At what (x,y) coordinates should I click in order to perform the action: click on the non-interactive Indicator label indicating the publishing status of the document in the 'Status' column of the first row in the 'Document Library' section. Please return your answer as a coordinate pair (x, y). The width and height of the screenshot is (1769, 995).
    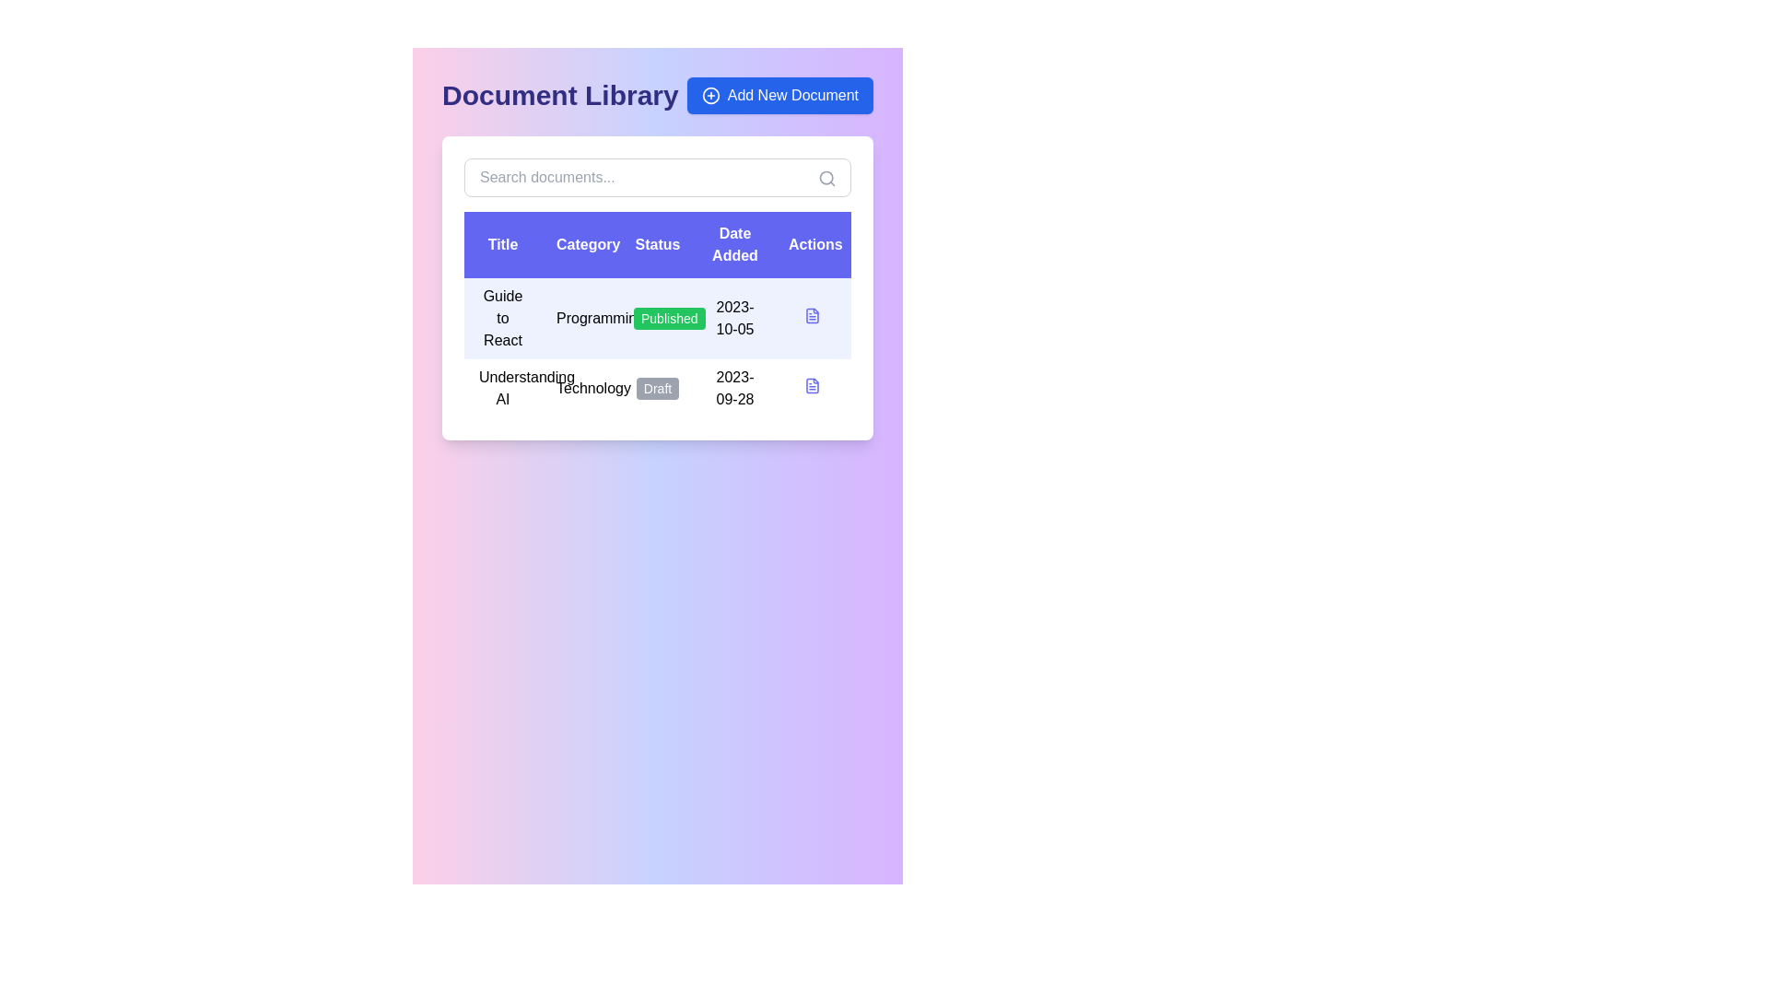
    Looking at the image, I should click on (668, 318).